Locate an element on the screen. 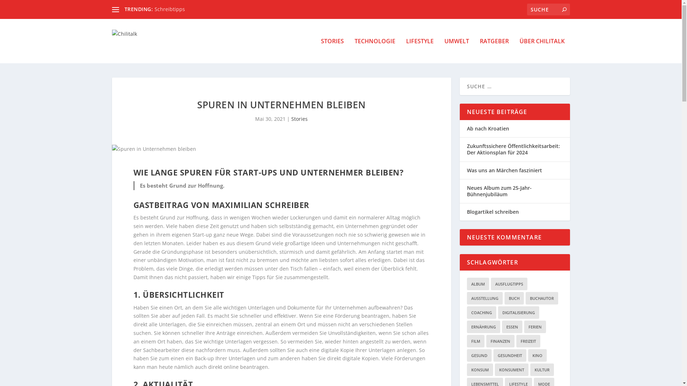 The height and width of the screenshot is (386, 687). 'RATGEBER' is located at coordinates (493, 50).